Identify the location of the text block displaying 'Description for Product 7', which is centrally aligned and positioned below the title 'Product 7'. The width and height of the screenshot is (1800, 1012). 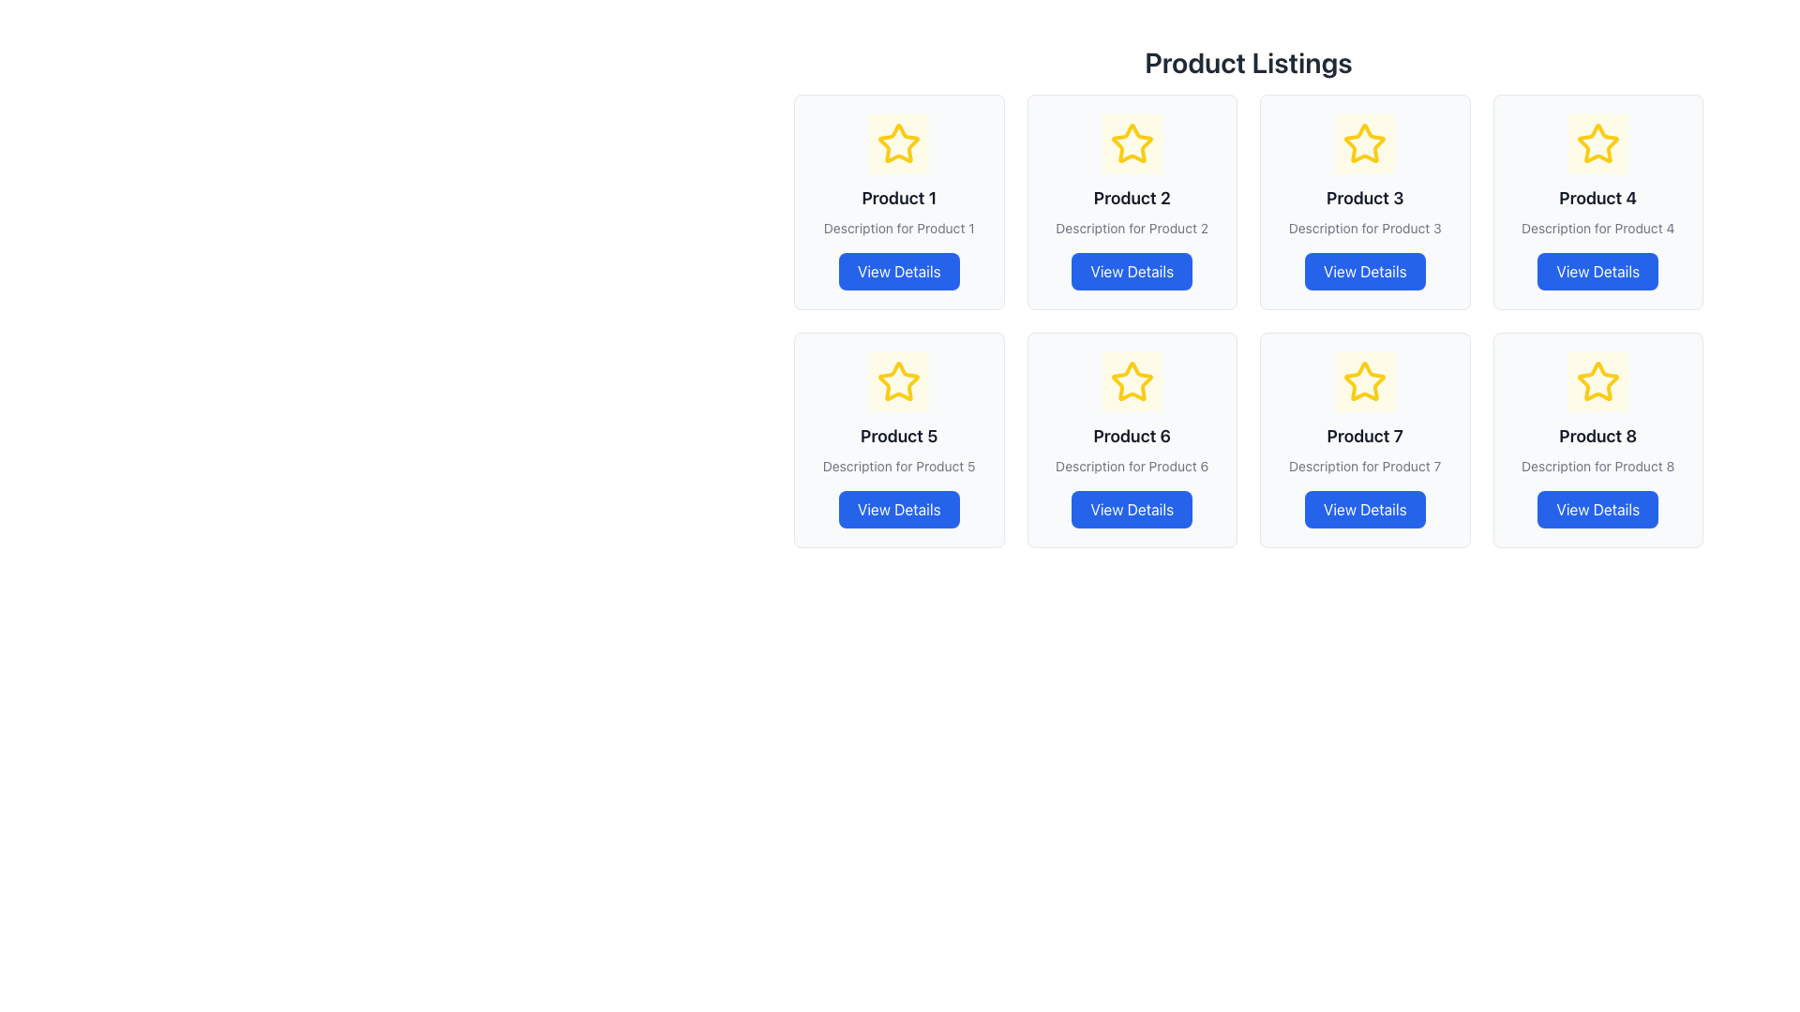
(1365, 465).